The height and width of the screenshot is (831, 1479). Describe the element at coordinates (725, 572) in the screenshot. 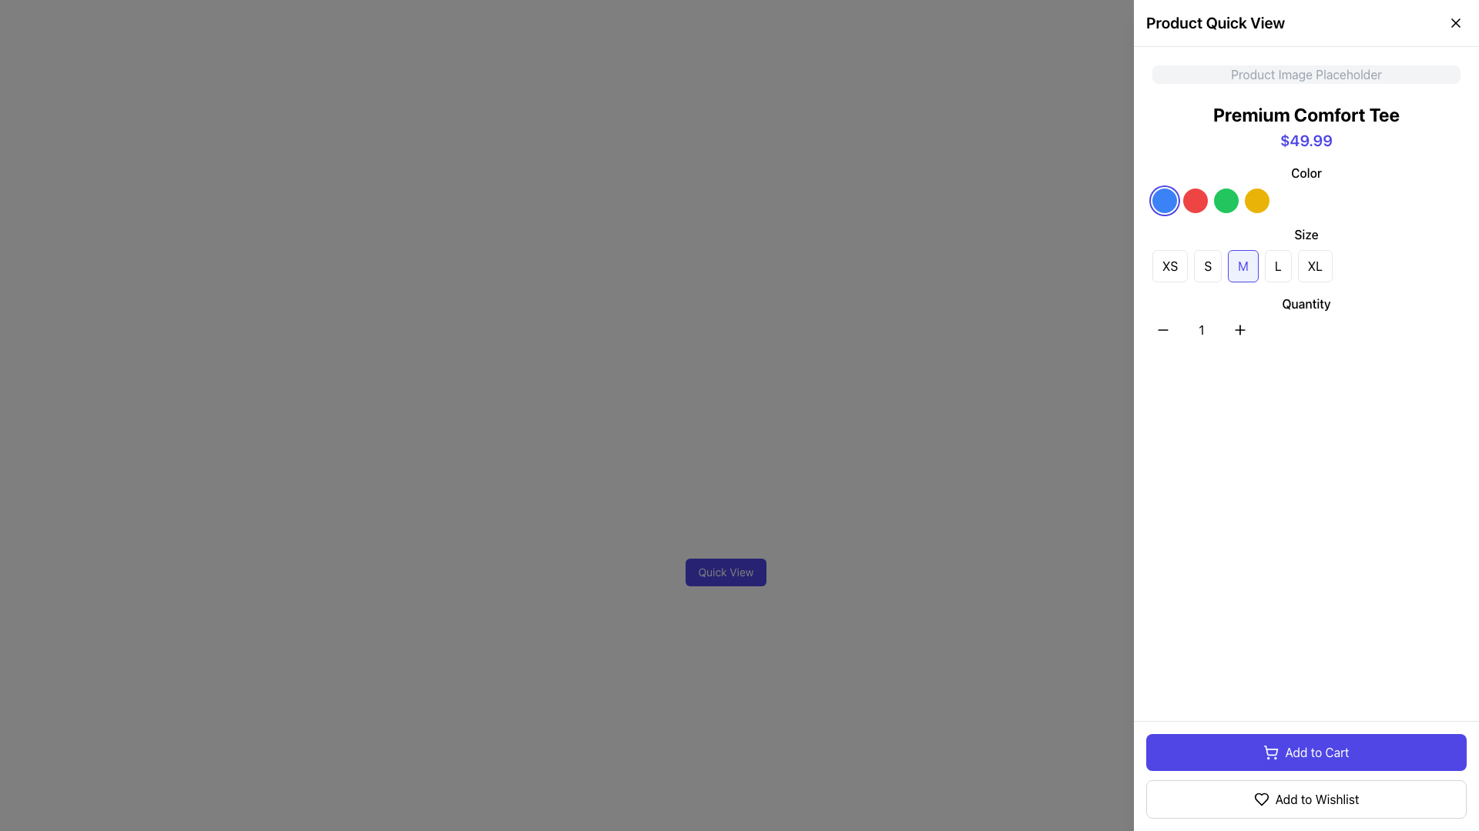

I see `the button located in the central portion of the interface` at that location.